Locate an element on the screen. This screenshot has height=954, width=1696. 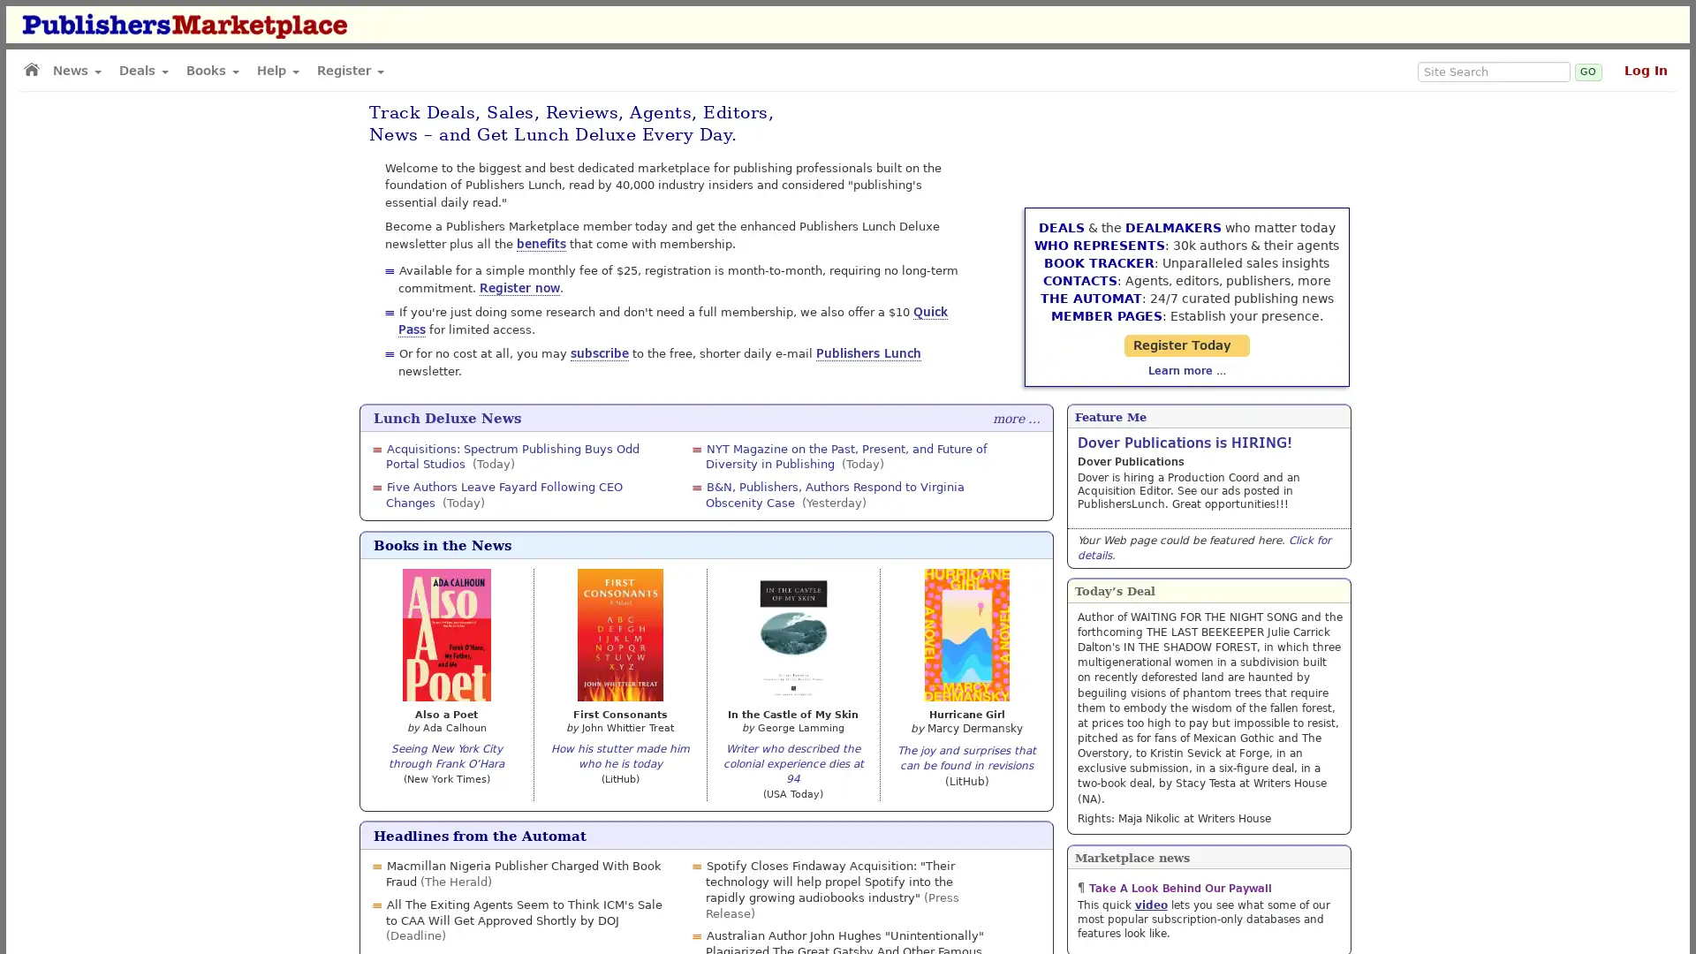
Register Today is located at coordinates (1208, 309).